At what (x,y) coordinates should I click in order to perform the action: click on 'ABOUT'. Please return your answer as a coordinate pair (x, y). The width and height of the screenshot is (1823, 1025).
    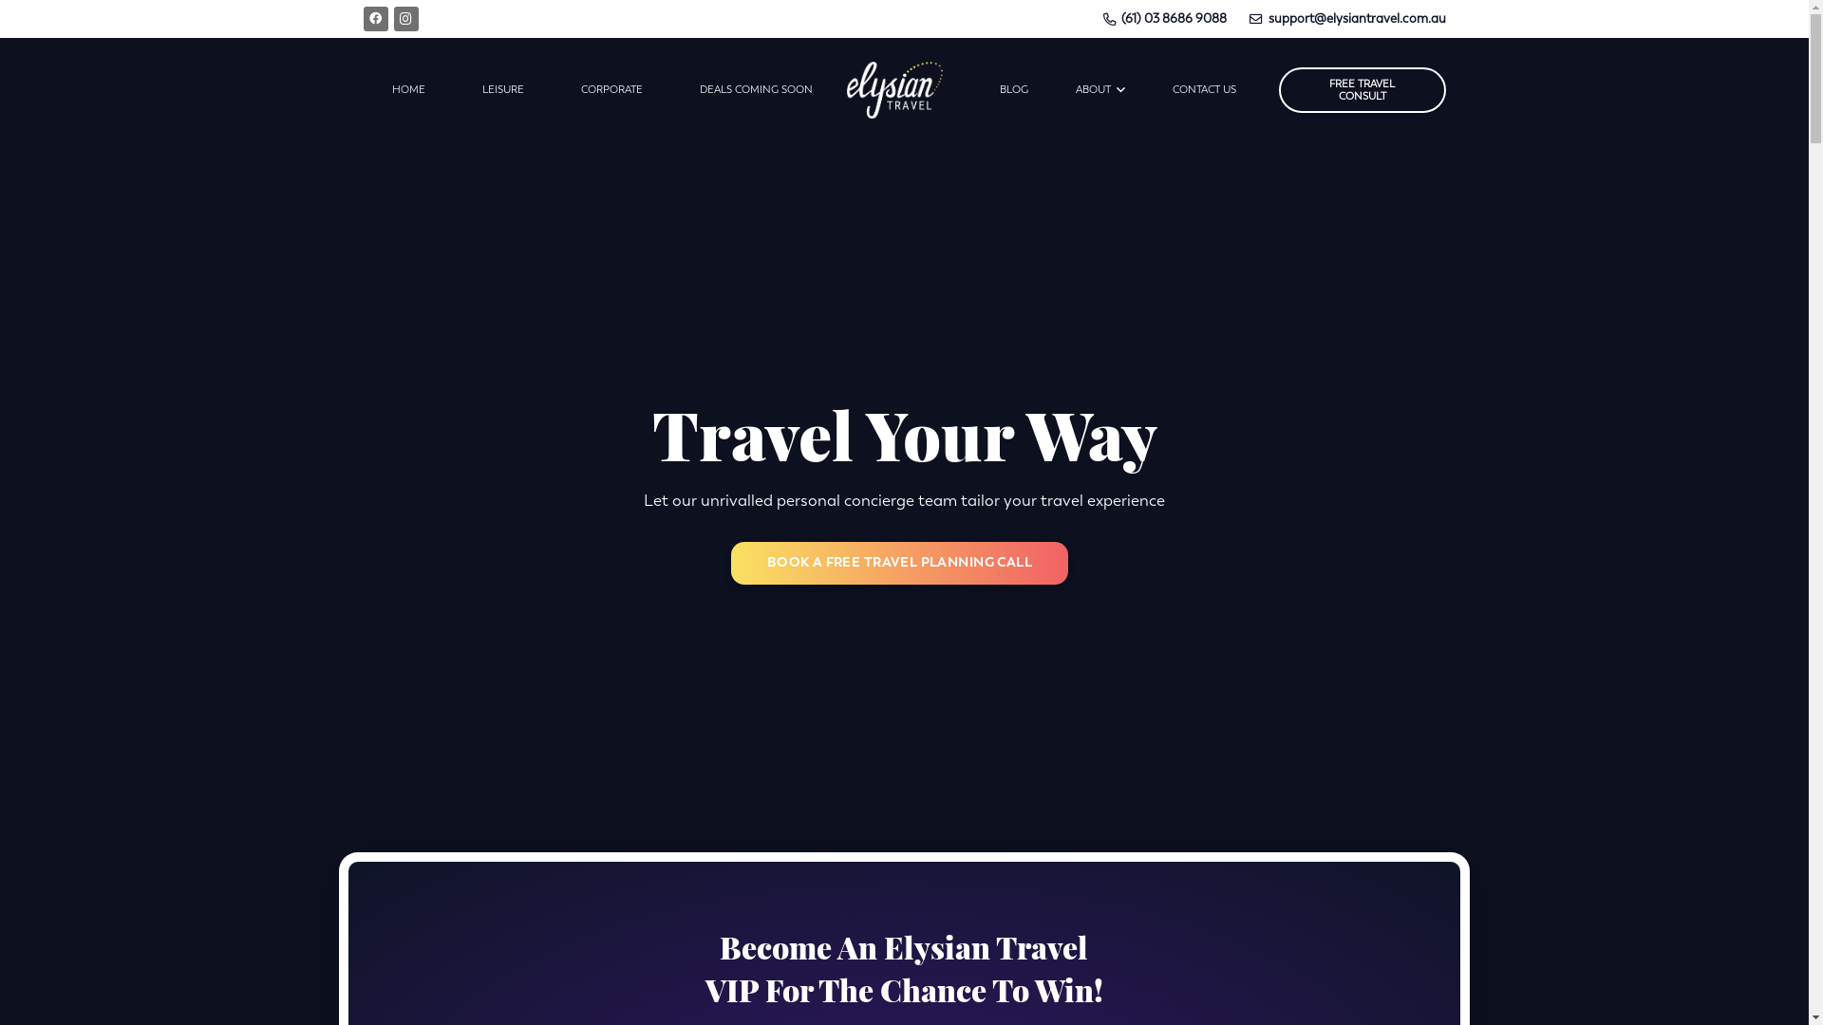
    Looking at the image, I should click on (1099, 90).